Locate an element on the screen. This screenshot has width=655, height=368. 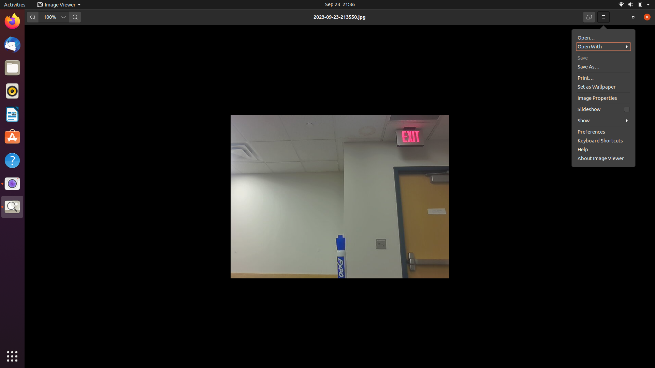
Print the image is located at coordinates (602, 65).